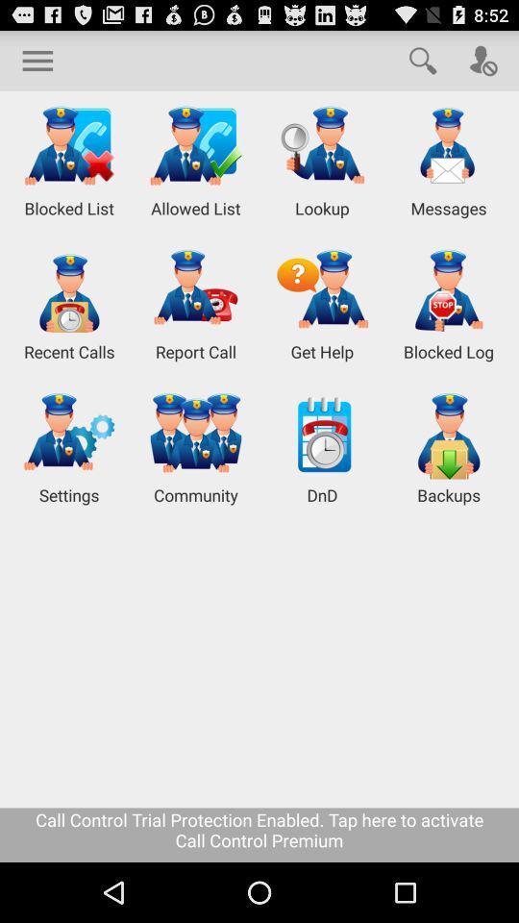  I want to click on search, so click(423, 60).